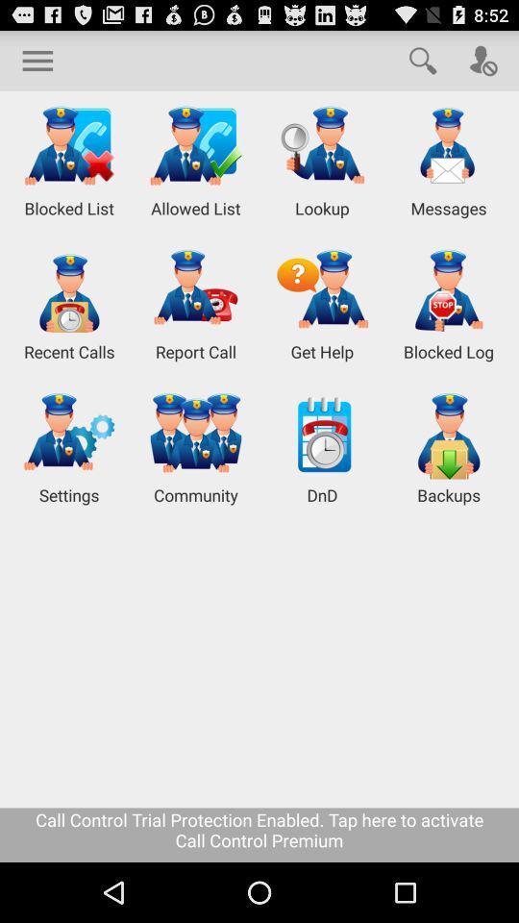  I want to click on search, so click(423, 60).